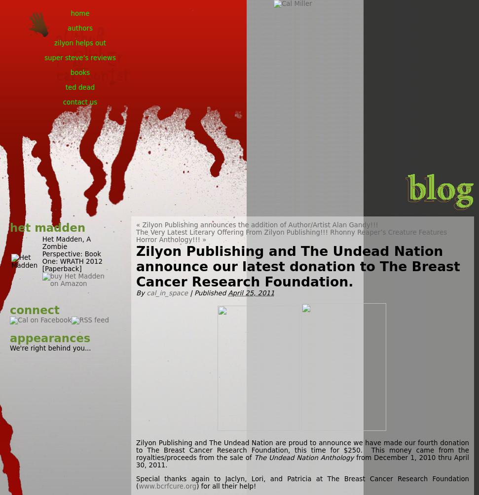 This screenshot has width=479, height=495. What do you see at coordinates (44, 58) in the screenshot?
I see `'super steve’s reviews'` at bounding box center [44, 58].